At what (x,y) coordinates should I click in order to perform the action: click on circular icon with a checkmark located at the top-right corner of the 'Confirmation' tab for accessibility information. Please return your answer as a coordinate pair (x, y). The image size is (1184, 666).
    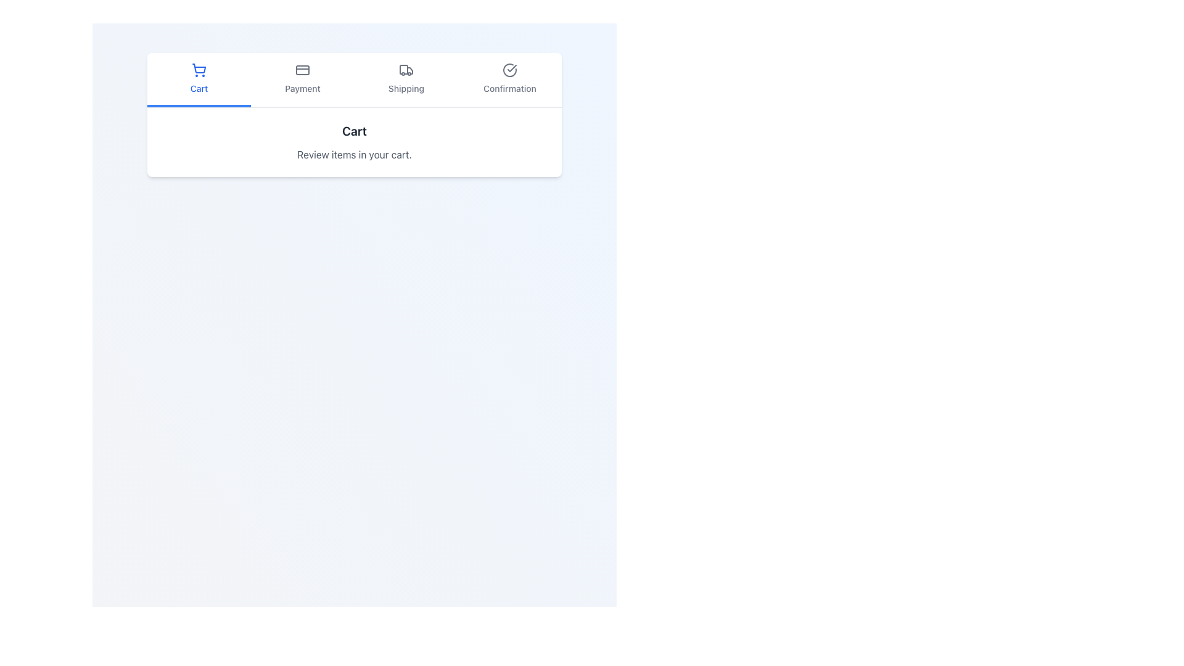
    Looking at the image, I should click on (509, 70).